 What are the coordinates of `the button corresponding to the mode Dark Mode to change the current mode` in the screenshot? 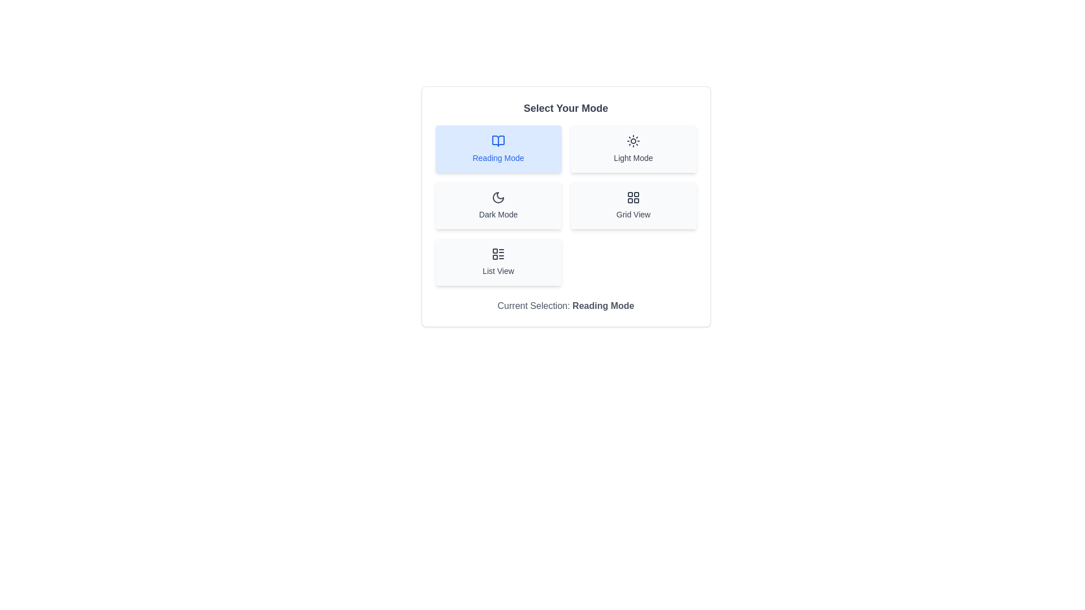 It's located at (498, 205).